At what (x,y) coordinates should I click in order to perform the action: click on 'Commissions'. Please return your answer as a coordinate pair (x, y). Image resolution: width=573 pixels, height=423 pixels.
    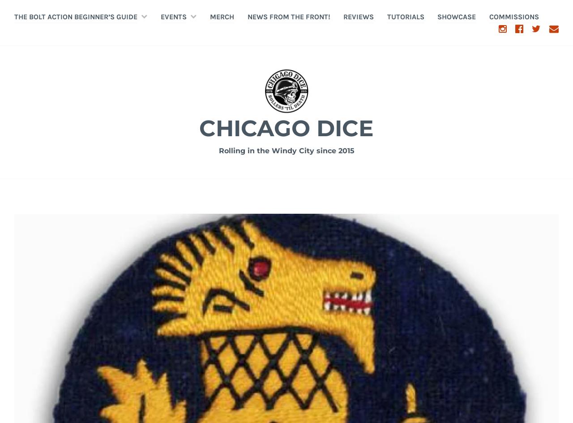
    Looking at the image, I should click on (513, 16).